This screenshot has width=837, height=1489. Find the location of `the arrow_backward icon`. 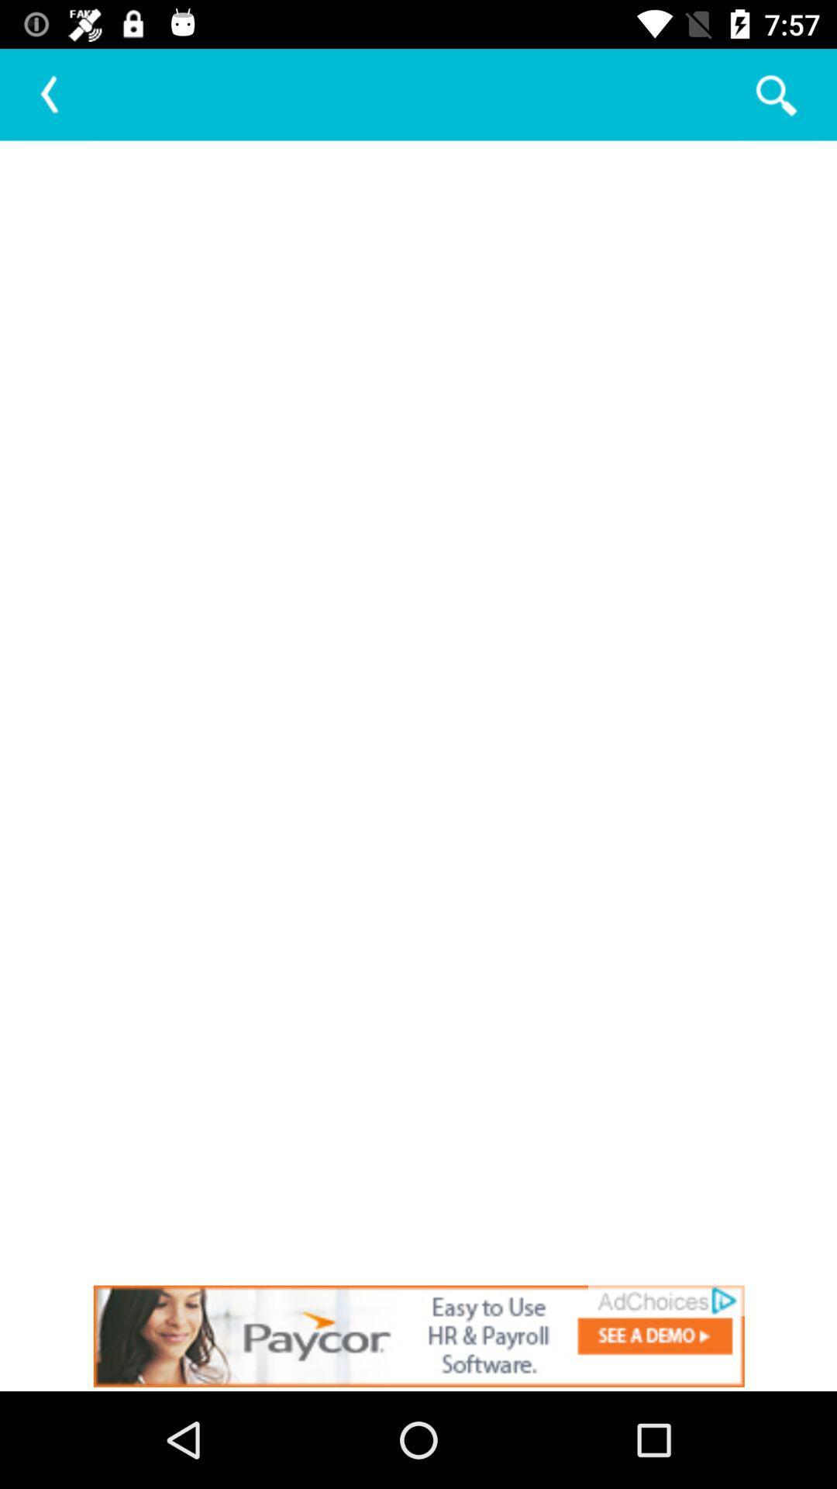

the arrow_backward icon is located at coordinates (50, 94).